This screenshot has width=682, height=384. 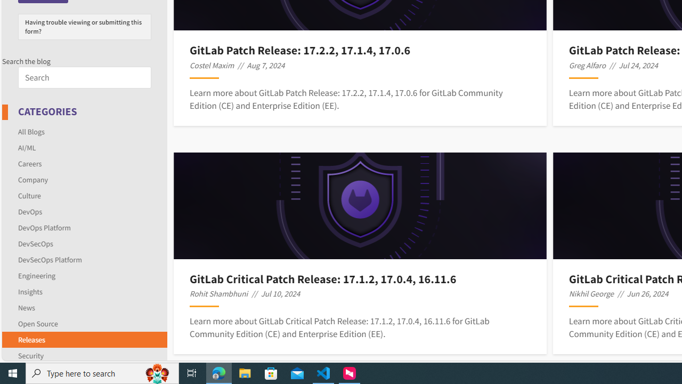 I want to click on 'Releases', so click(x=31, y=339).